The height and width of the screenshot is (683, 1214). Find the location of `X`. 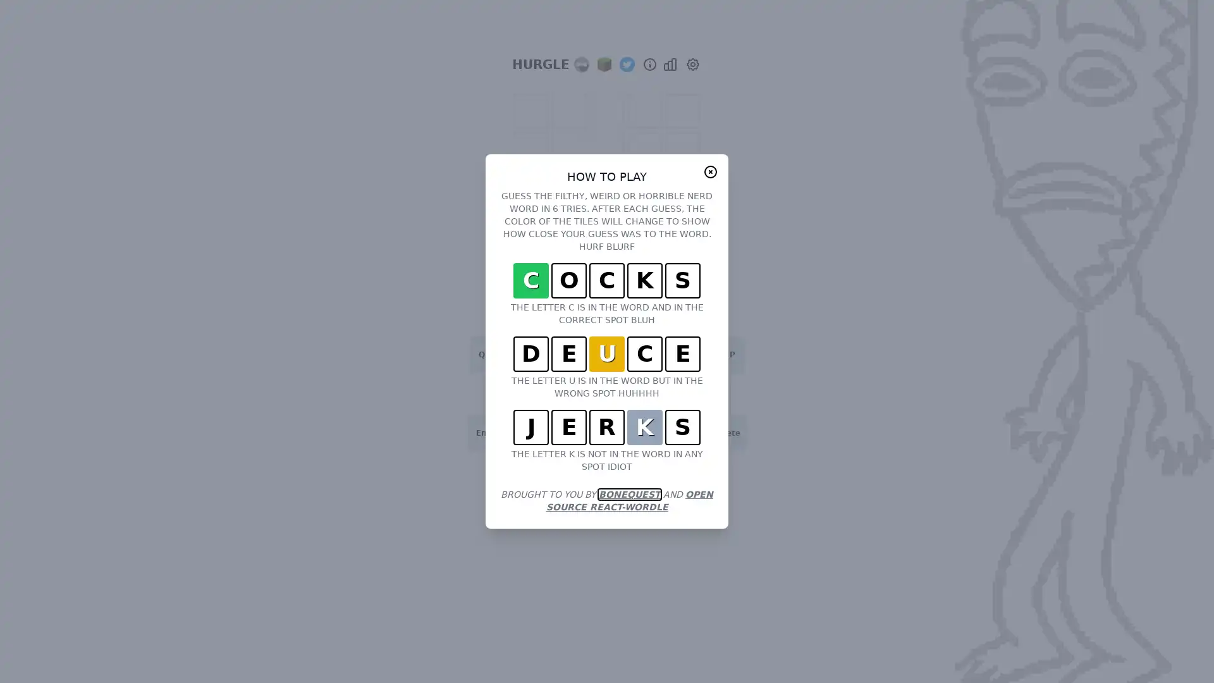

X is located at coordinates (551, 433).